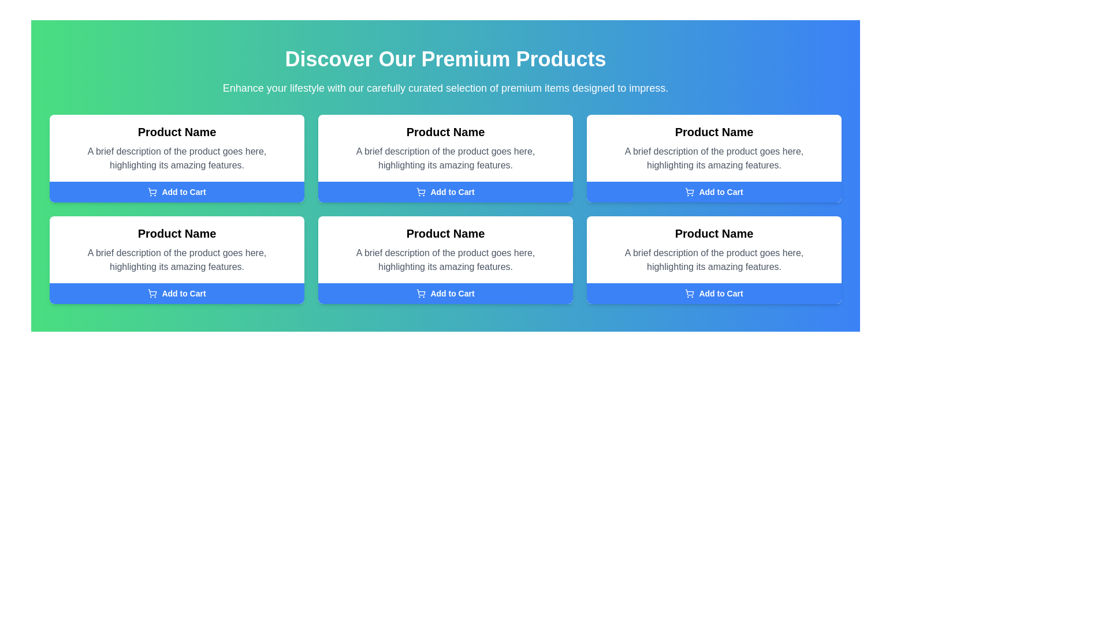  Describe the element at coordinates (690, 191) in the screenshot. I see `the shopping cart icon located within the 'Add to Cart' button in the second column of the top row of product boxes` at that location.